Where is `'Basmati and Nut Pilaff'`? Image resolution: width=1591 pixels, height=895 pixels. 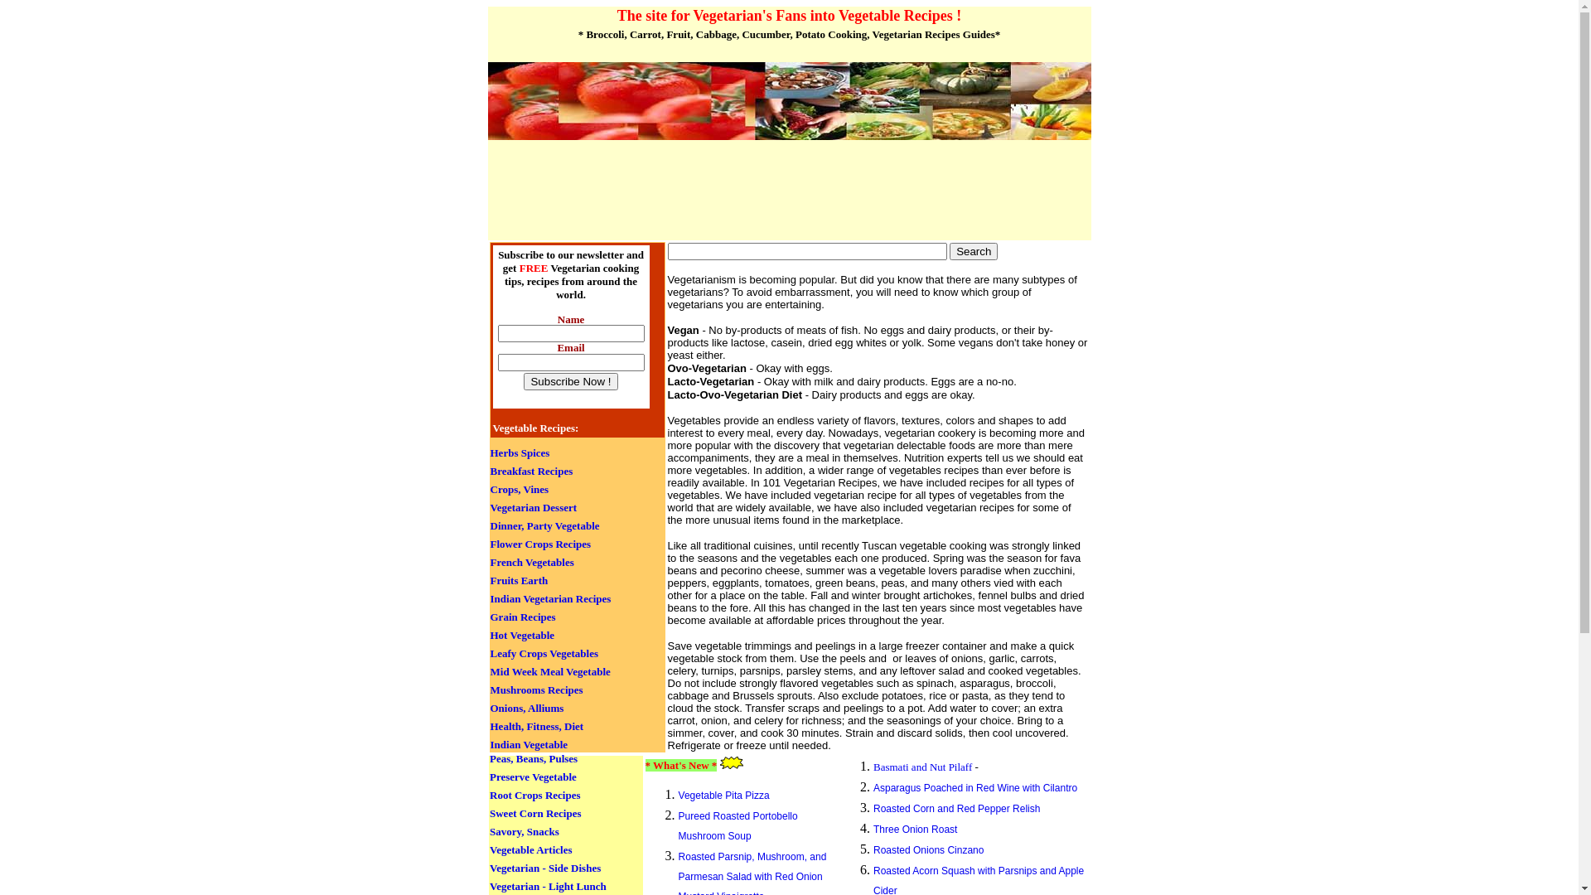 'Basmati and Nut Pilaff' is located at coordinates (873, 767).